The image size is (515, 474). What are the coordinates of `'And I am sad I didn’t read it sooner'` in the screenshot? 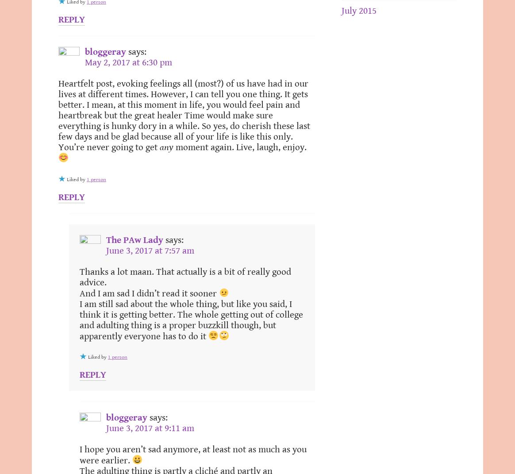 It's located at (149, 293).